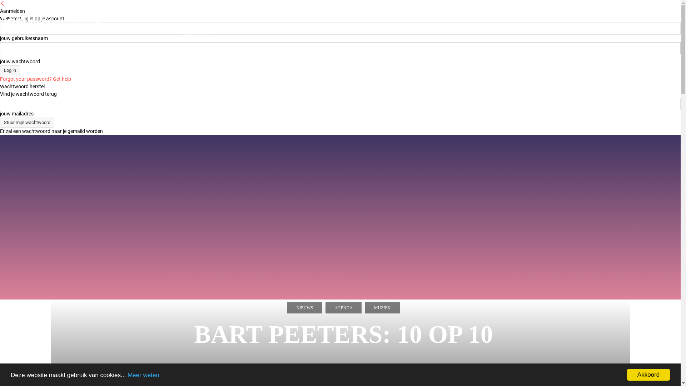 Image resolution: width=686 pixels, height=386 pixels. Describe the element at coordinates (343, 307) in the screenshot. I see `'AGENDA'` at that location.